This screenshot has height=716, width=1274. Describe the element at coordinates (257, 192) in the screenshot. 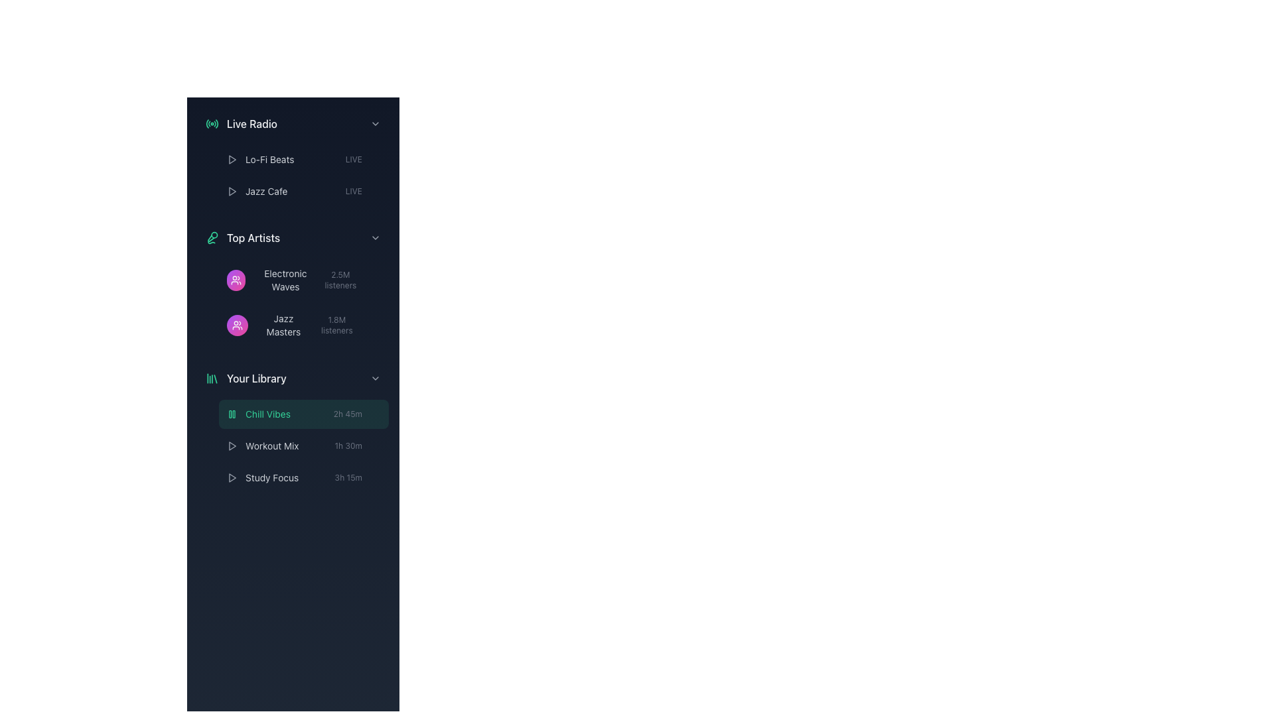

I see `text label for the Jazz Cafe entry in the Live Radio section, located beneath the Lo-Fi Beats label` at that location.